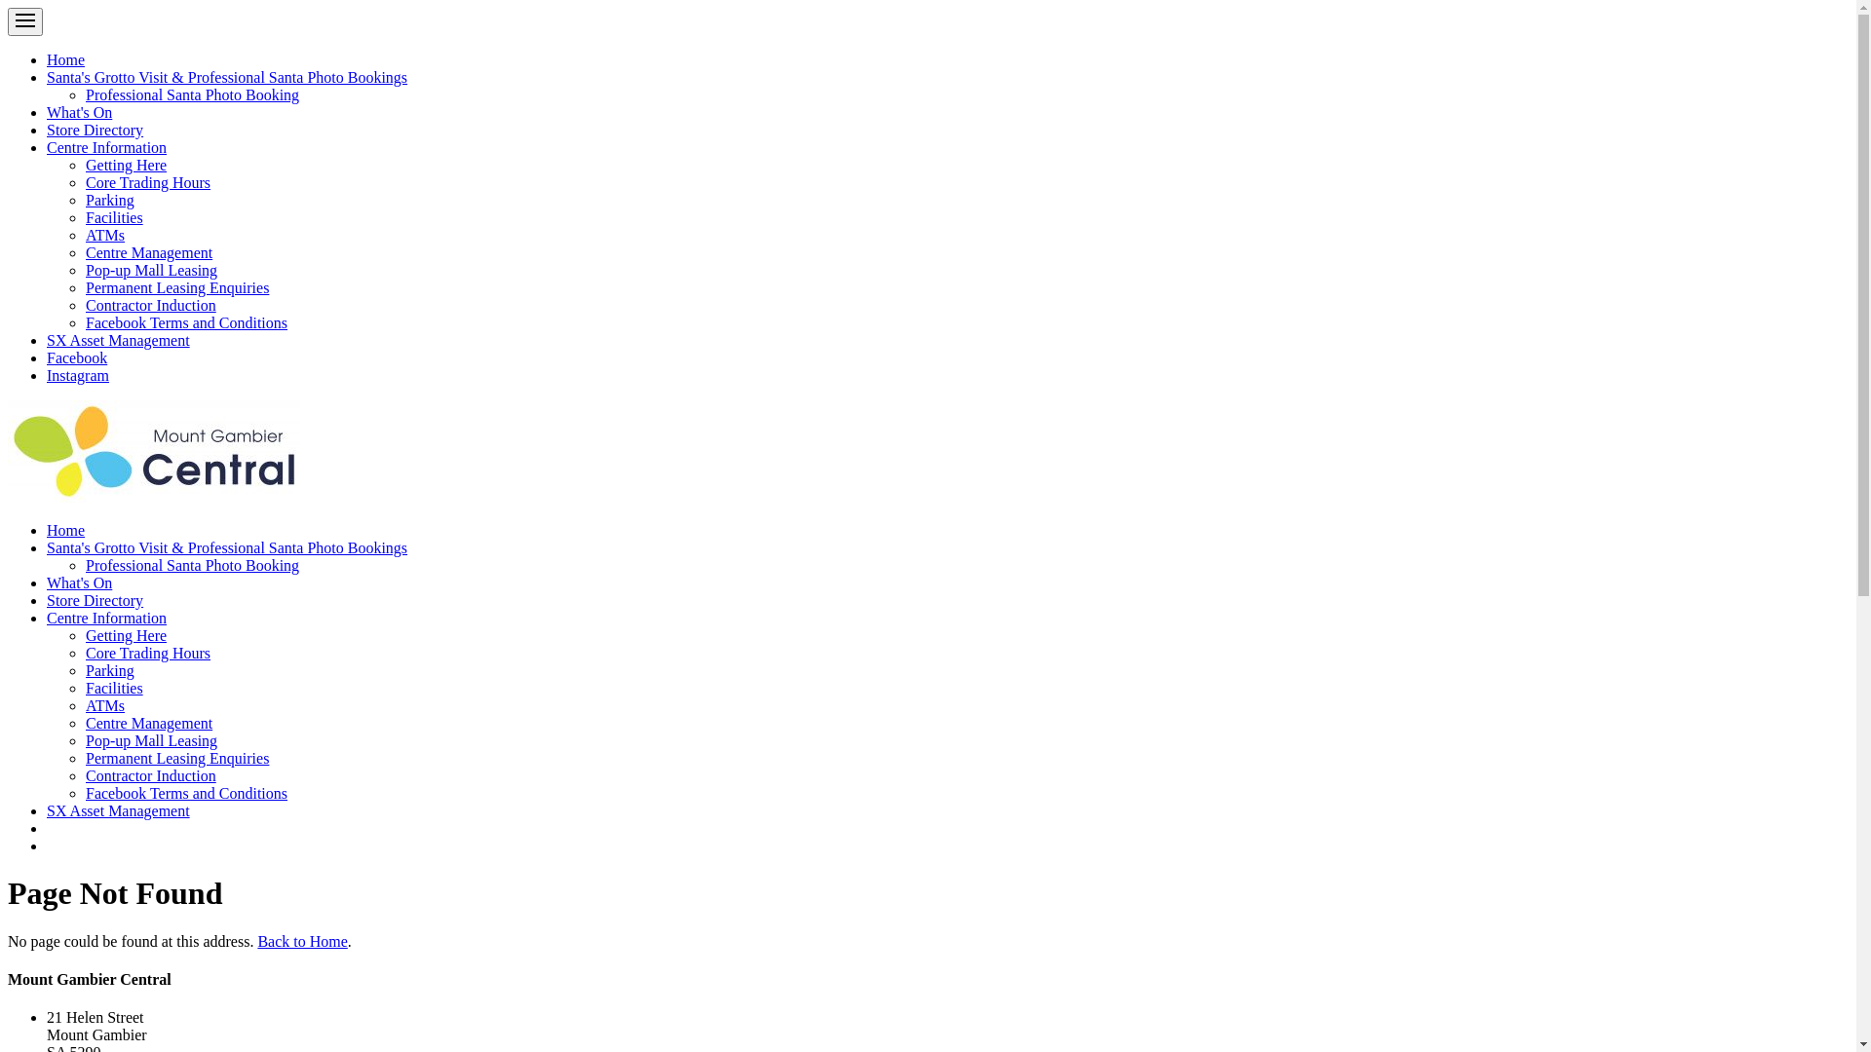 Image resolution: width=1871 pixels, height=1052 pixels. I want to click on 'Facebook Terms and Conditions', so click(186, 793).